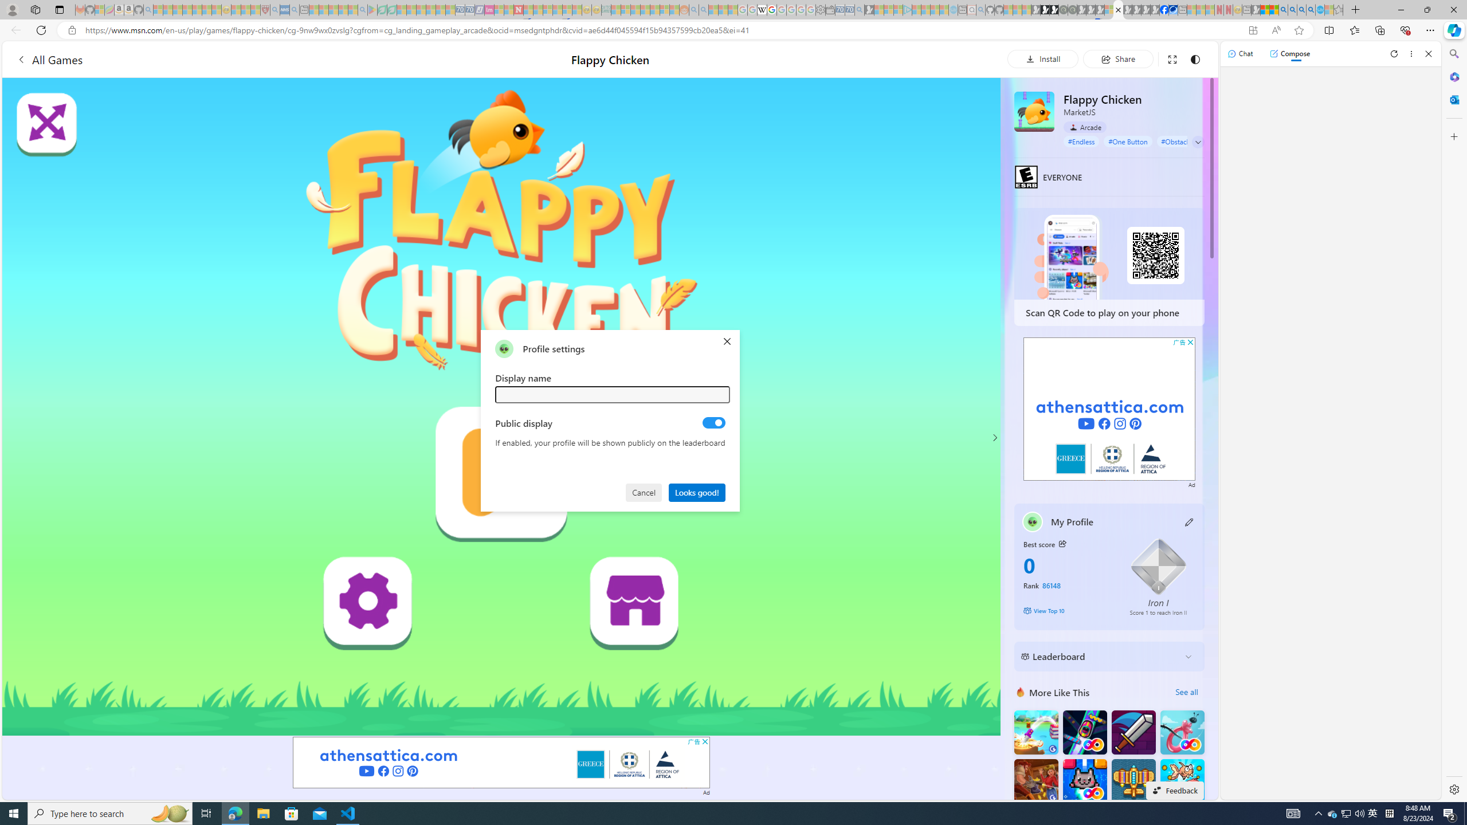 Image resolution: width=1467 pixels, height=825 pixels. Describe the element at coordinates (1289, 53) in the screenshot. I see `'Compose'` at that location.